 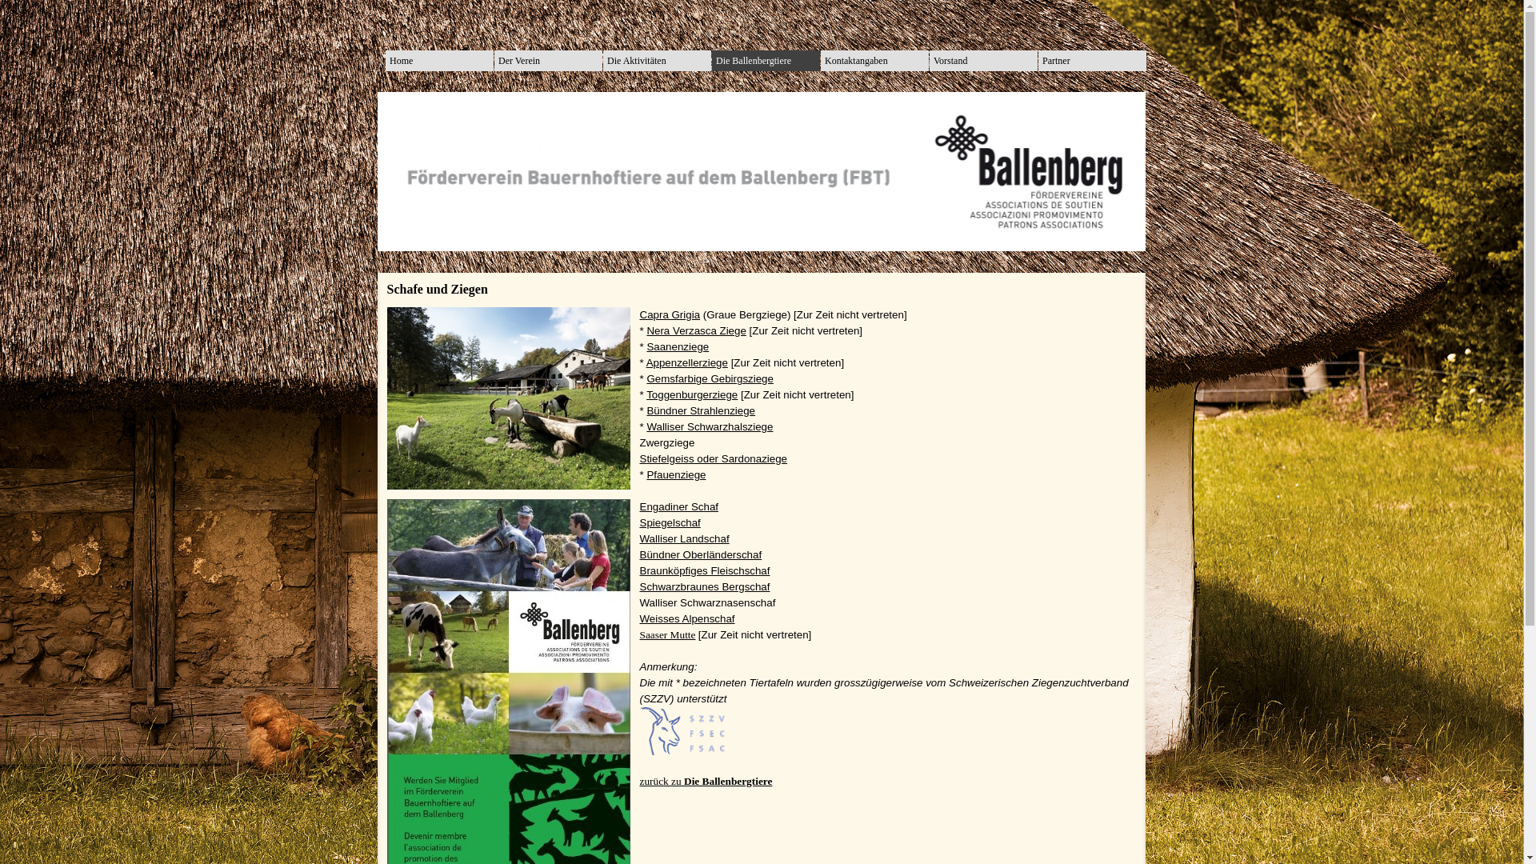 I want to click on 'Capra Grigia', so click(x=670, y=314).